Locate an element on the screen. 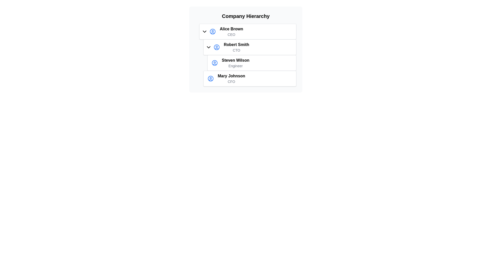 This screenshot has width=485, height=273. the circular user icon representing 'Steven Wilson', an Engineer is located at coordinates (214, 63).